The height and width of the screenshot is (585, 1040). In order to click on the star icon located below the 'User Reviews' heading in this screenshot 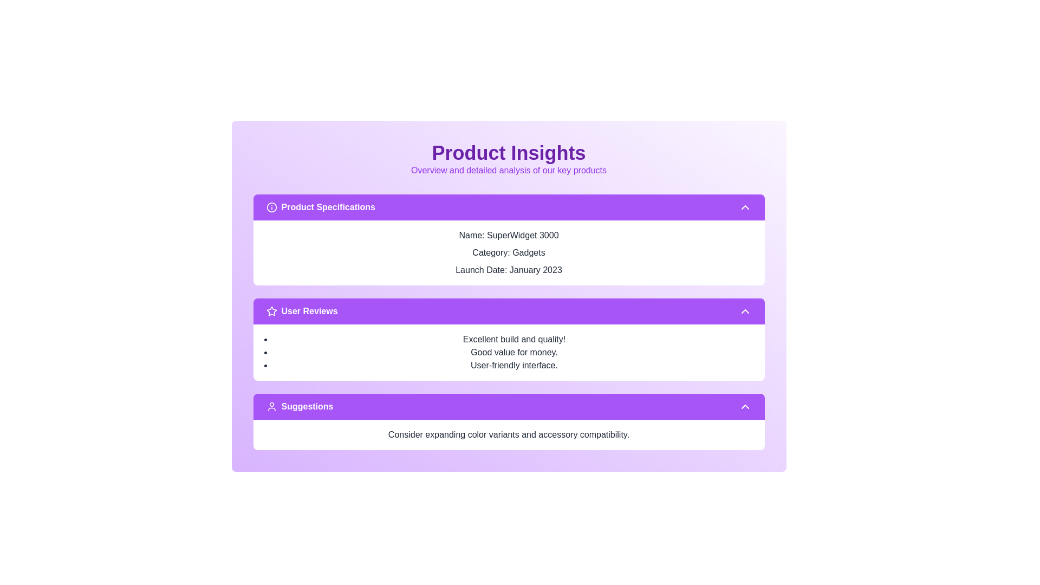, I will do `click(271, 311)`.